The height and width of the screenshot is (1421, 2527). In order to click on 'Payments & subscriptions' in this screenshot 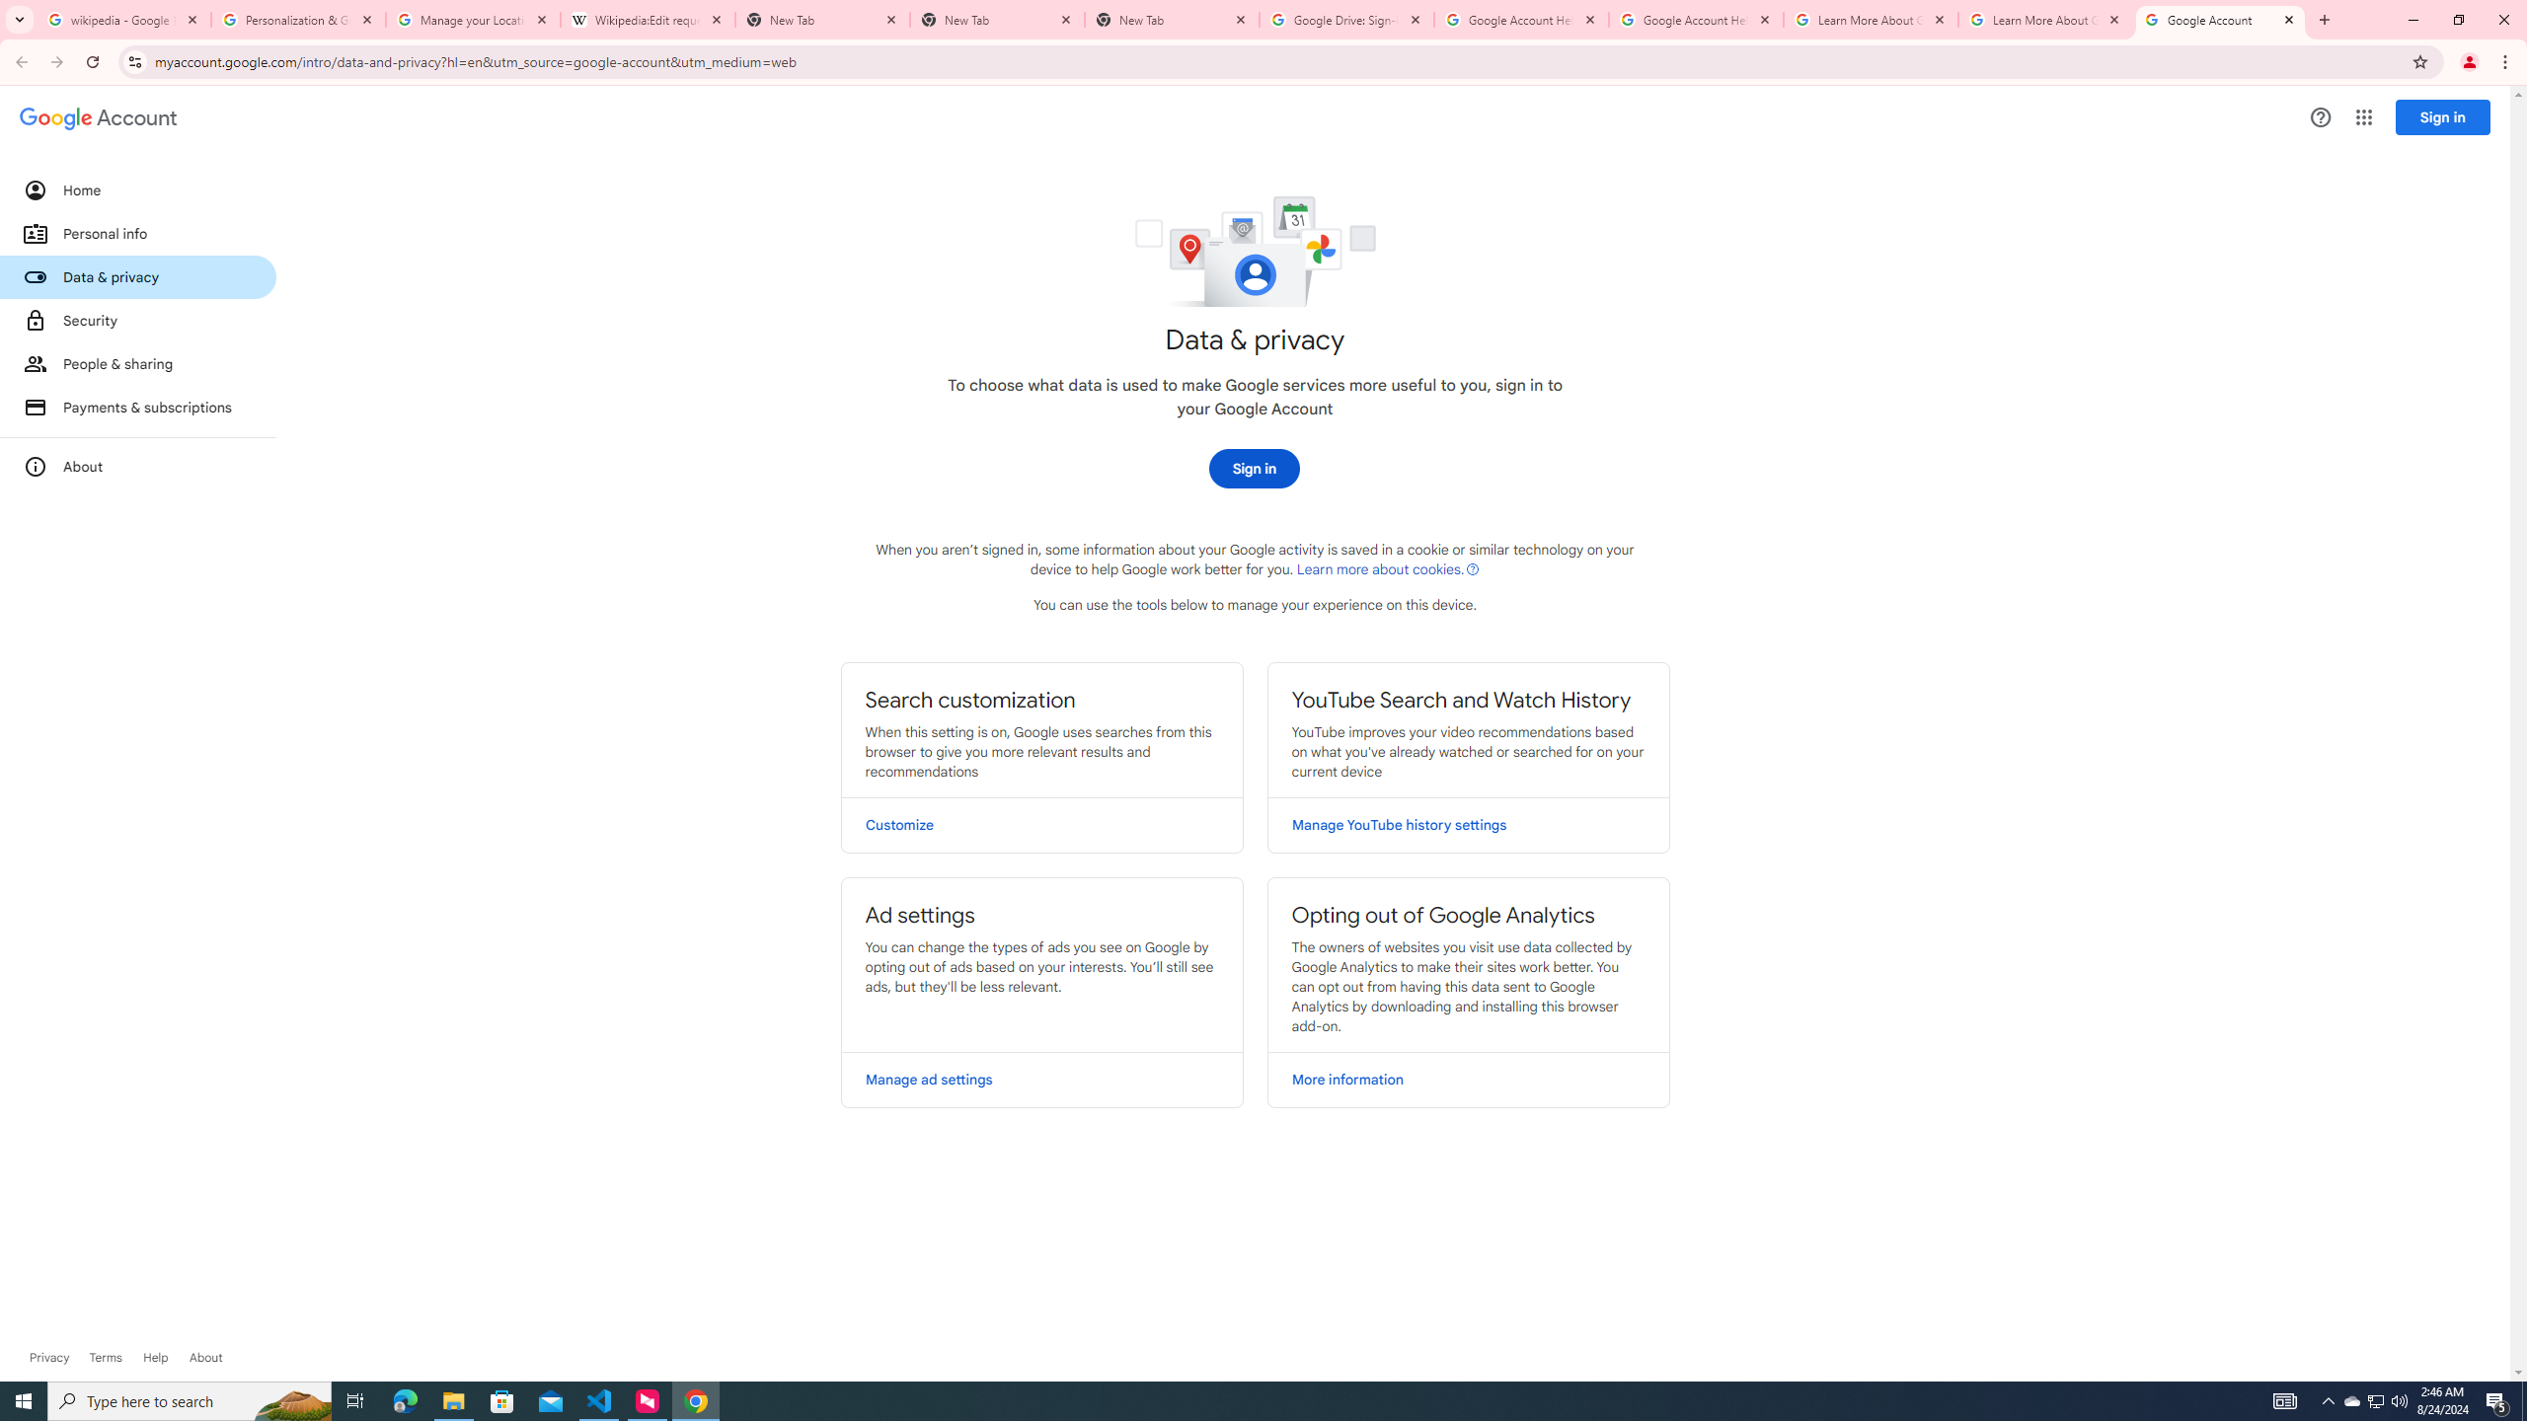, I will do `click(136, 408)`.